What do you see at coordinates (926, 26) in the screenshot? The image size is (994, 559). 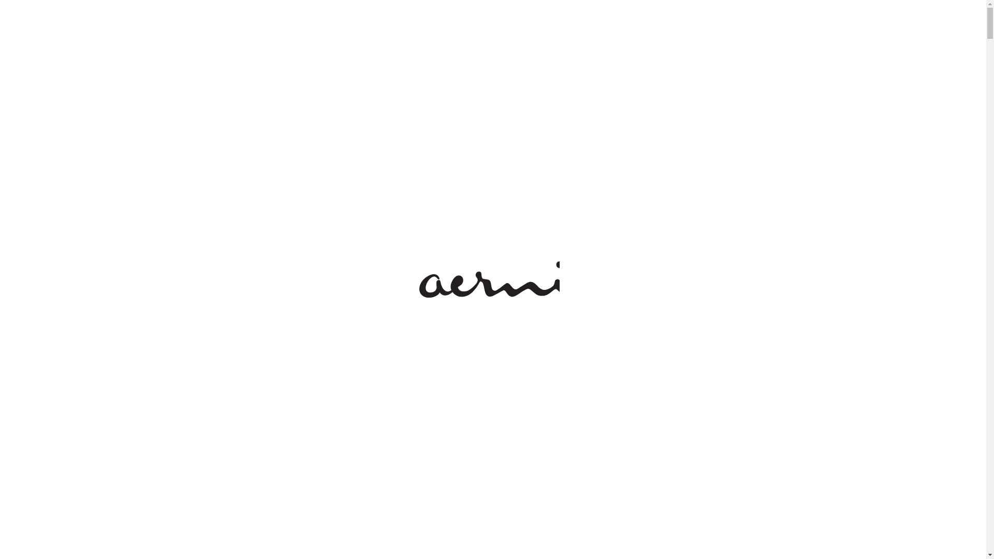 I see `'DE'` at bounding box center [926, 26].